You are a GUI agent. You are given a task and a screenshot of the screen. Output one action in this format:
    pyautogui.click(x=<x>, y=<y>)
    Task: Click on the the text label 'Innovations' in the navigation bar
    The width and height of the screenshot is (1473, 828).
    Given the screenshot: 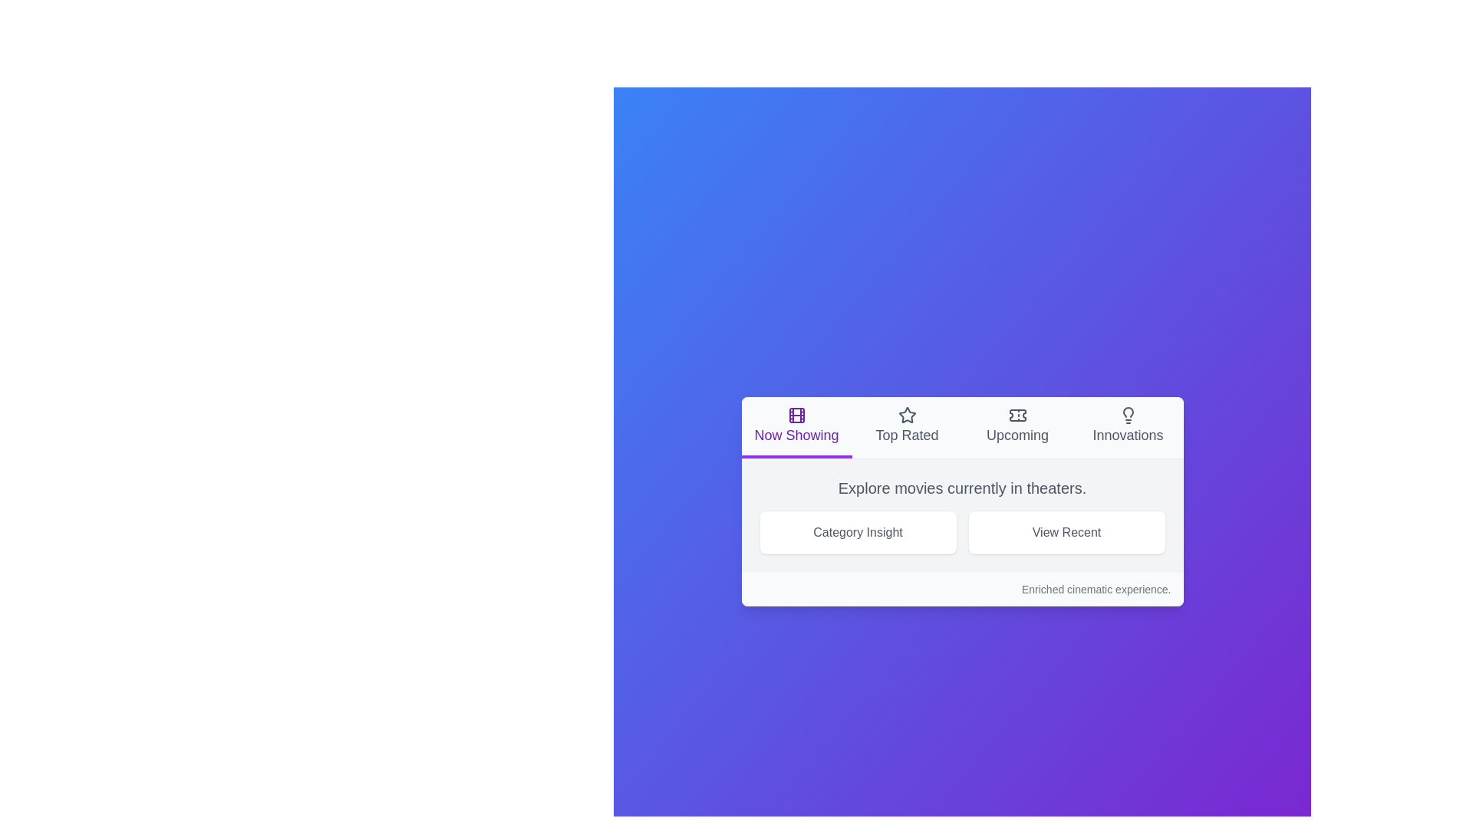 What is the action you would take?
    pyautogui.click(x=1128, y=435)
    